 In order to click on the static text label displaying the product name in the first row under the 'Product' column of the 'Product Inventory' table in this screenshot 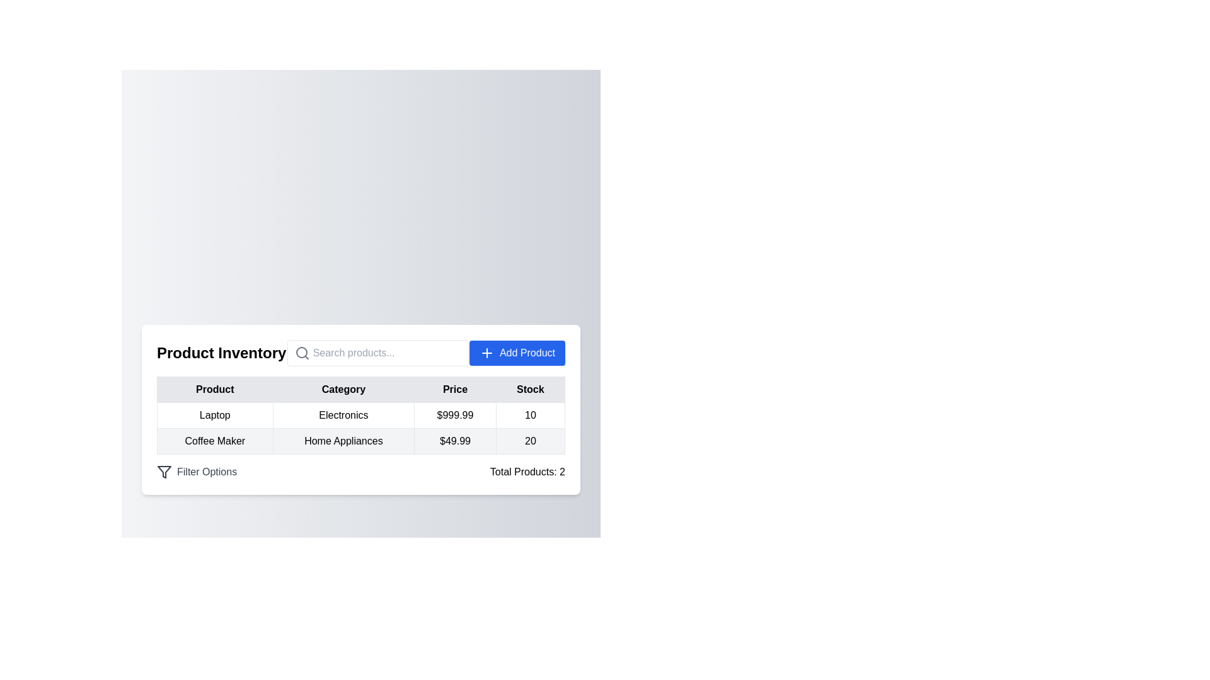, I will do `click(215, 415)`.